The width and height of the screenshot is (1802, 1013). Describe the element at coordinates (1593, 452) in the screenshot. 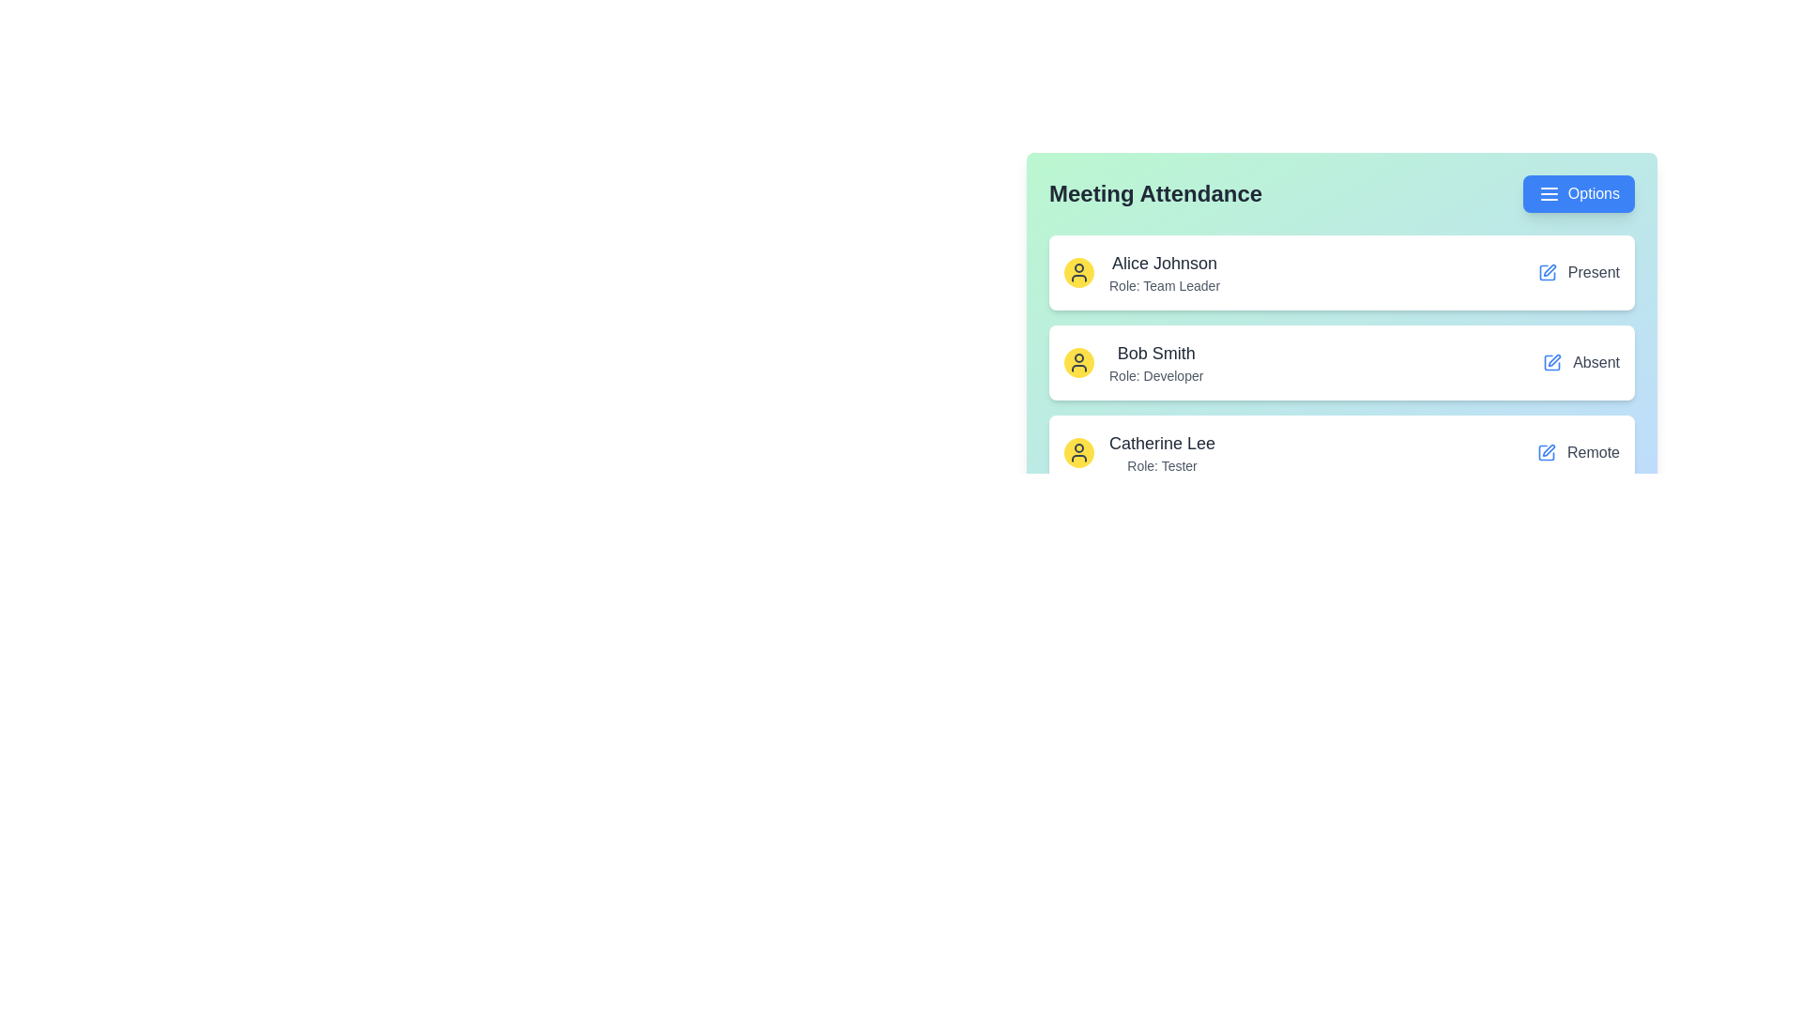

I see `the attendance status text label indicating 'Remote' for 'Catherine Lee', positioned to the right of the editing icon within the 'Meeting Attendance' interface` at that location.